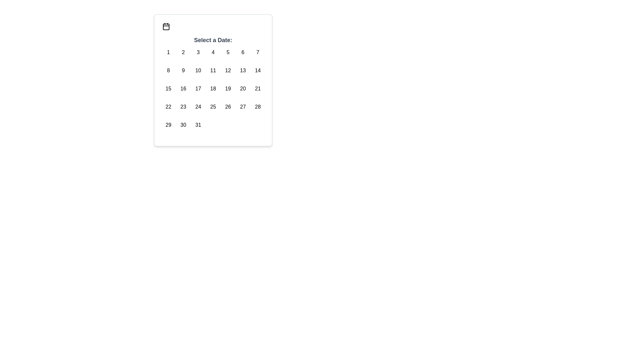 This screenshot has height=350, width=622. I want to click on the circular button labeled '16' in the calendar interface, so click(183, 88).